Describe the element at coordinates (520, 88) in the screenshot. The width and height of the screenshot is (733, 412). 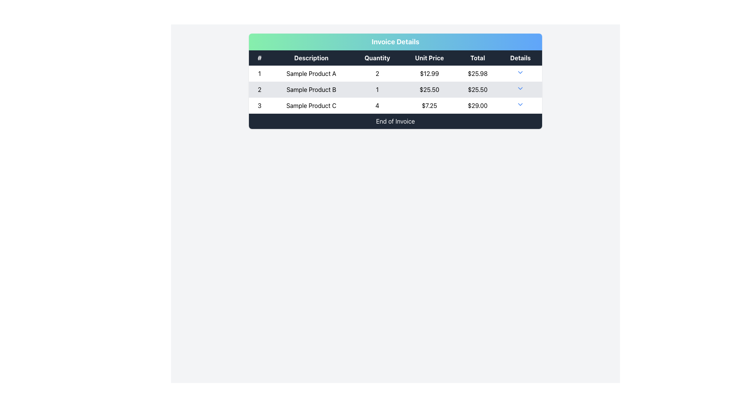
I see `the chevron icon in the second row of the table under the 'Details' column to emphasize the dropdown toggle for 'Sample Product B'` at that location.